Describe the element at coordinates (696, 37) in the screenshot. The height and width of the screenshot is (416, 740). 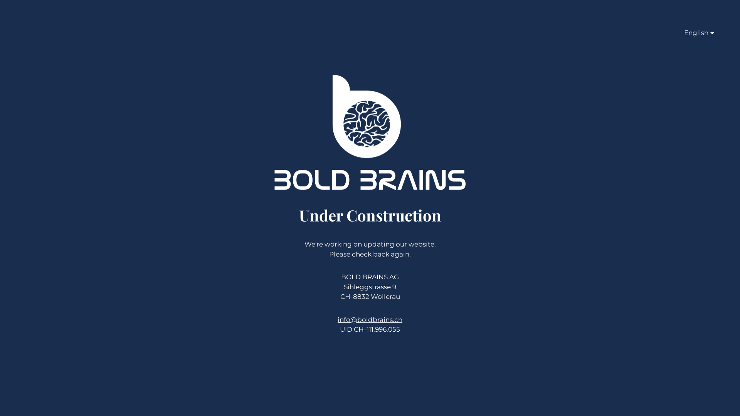
I see `'English'` at that location.